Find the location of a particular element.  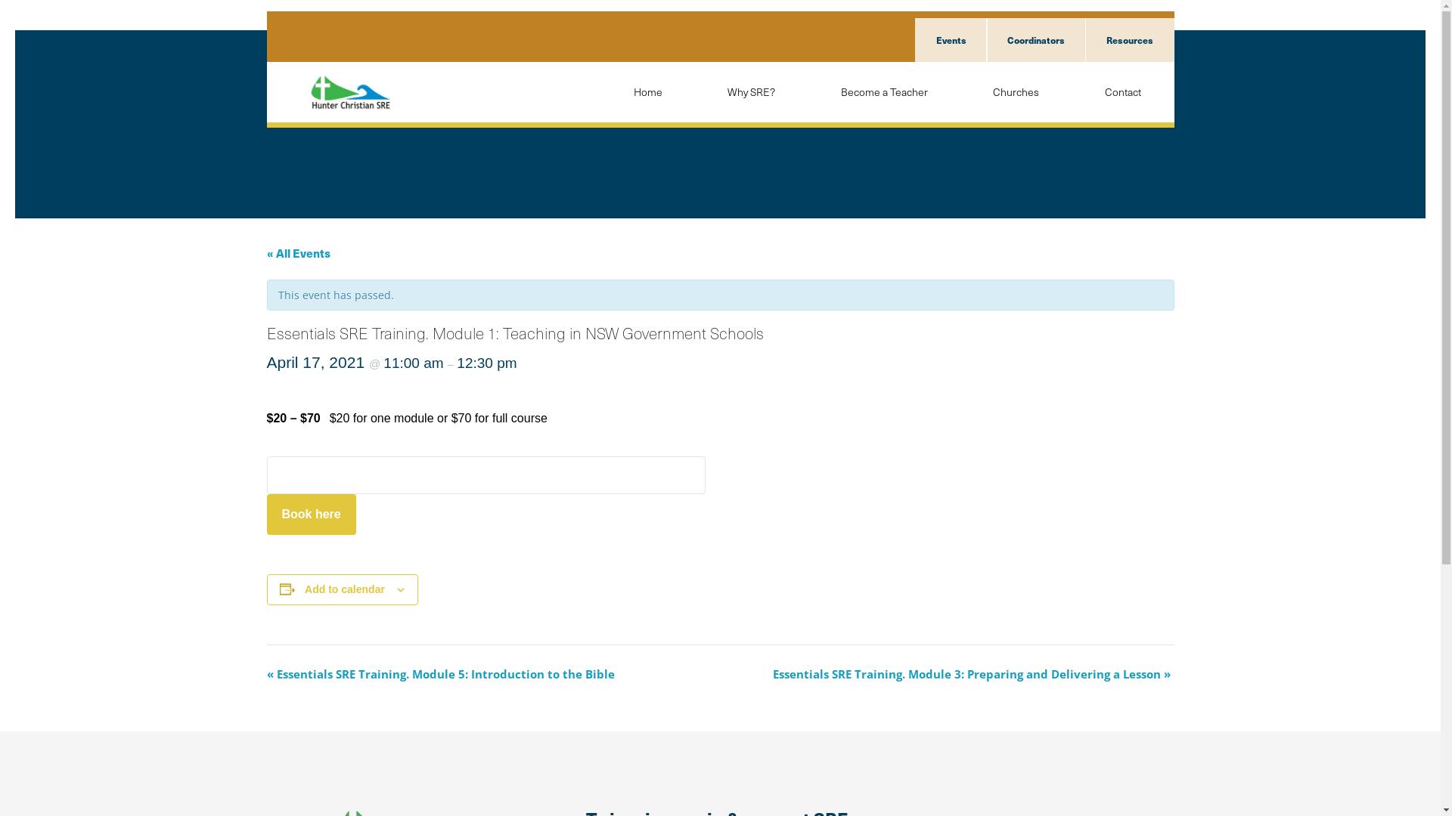

'Coordinators' is located at coordinates (1035, 39).